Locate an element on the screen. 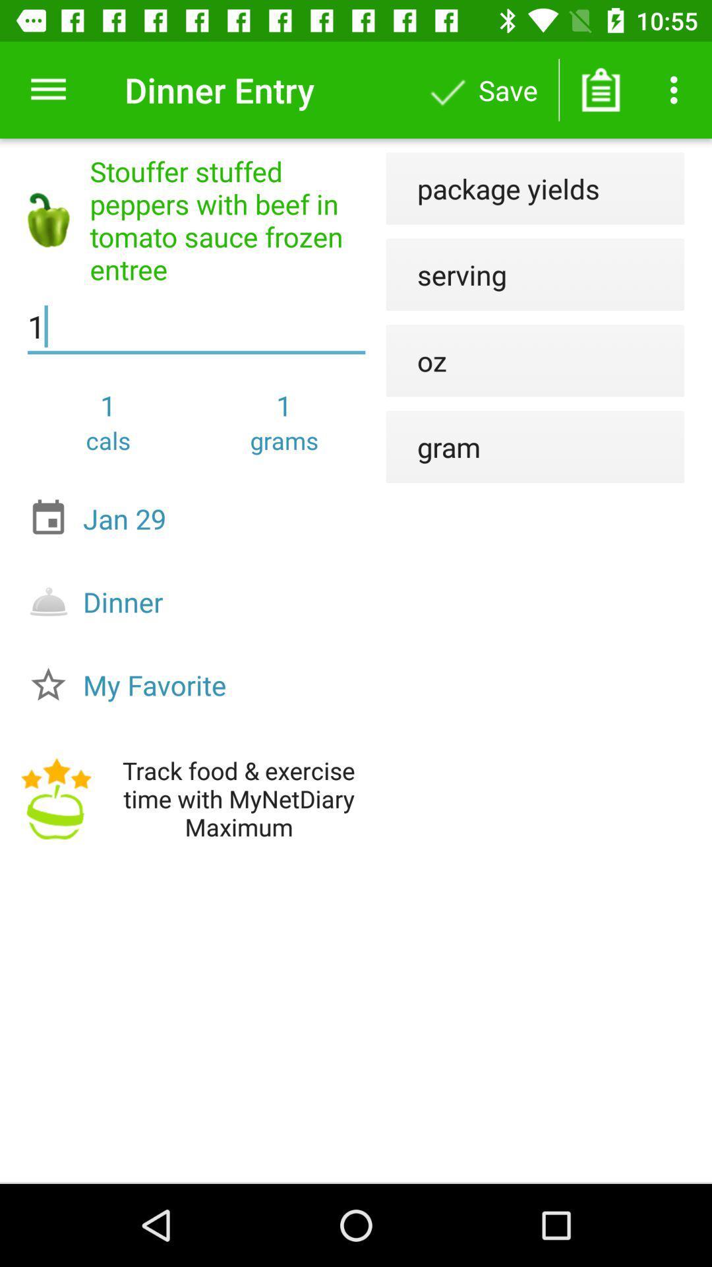 This screenshot has height=1267, width=712. item to the right of 1 is located at coordinates (416, 360).